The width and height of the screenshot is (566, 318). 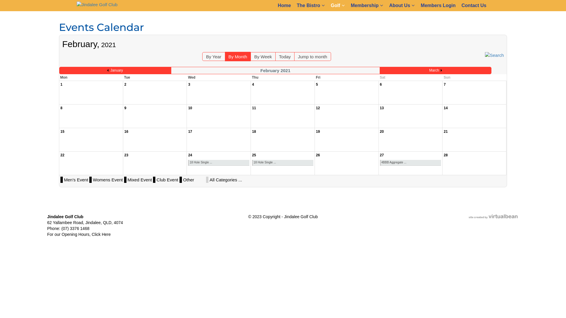 I want to click on '15', so click(x=60, y=131).